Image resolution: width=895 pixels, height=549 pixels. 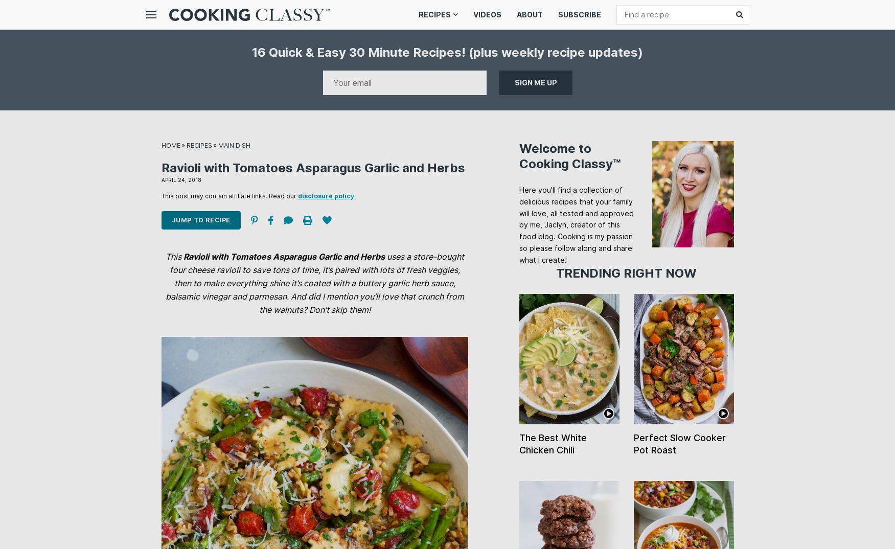 What do you see at coordinates (529, 14) in the screenshot?
I see `'About'` at bounding box center [529, 14].